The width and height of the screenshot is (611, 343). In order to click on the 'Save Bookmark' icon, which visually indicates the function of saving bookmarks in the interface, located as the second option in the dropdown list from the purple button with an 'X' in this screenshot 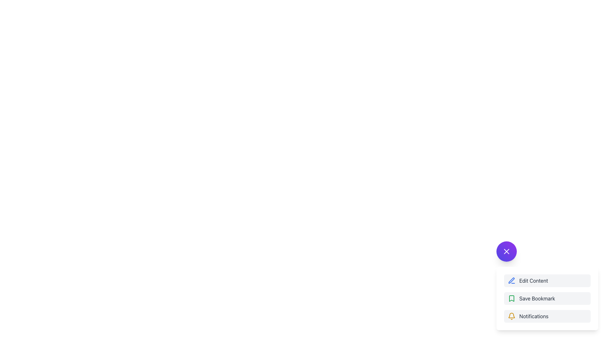, I will do `click(512, 299)`.